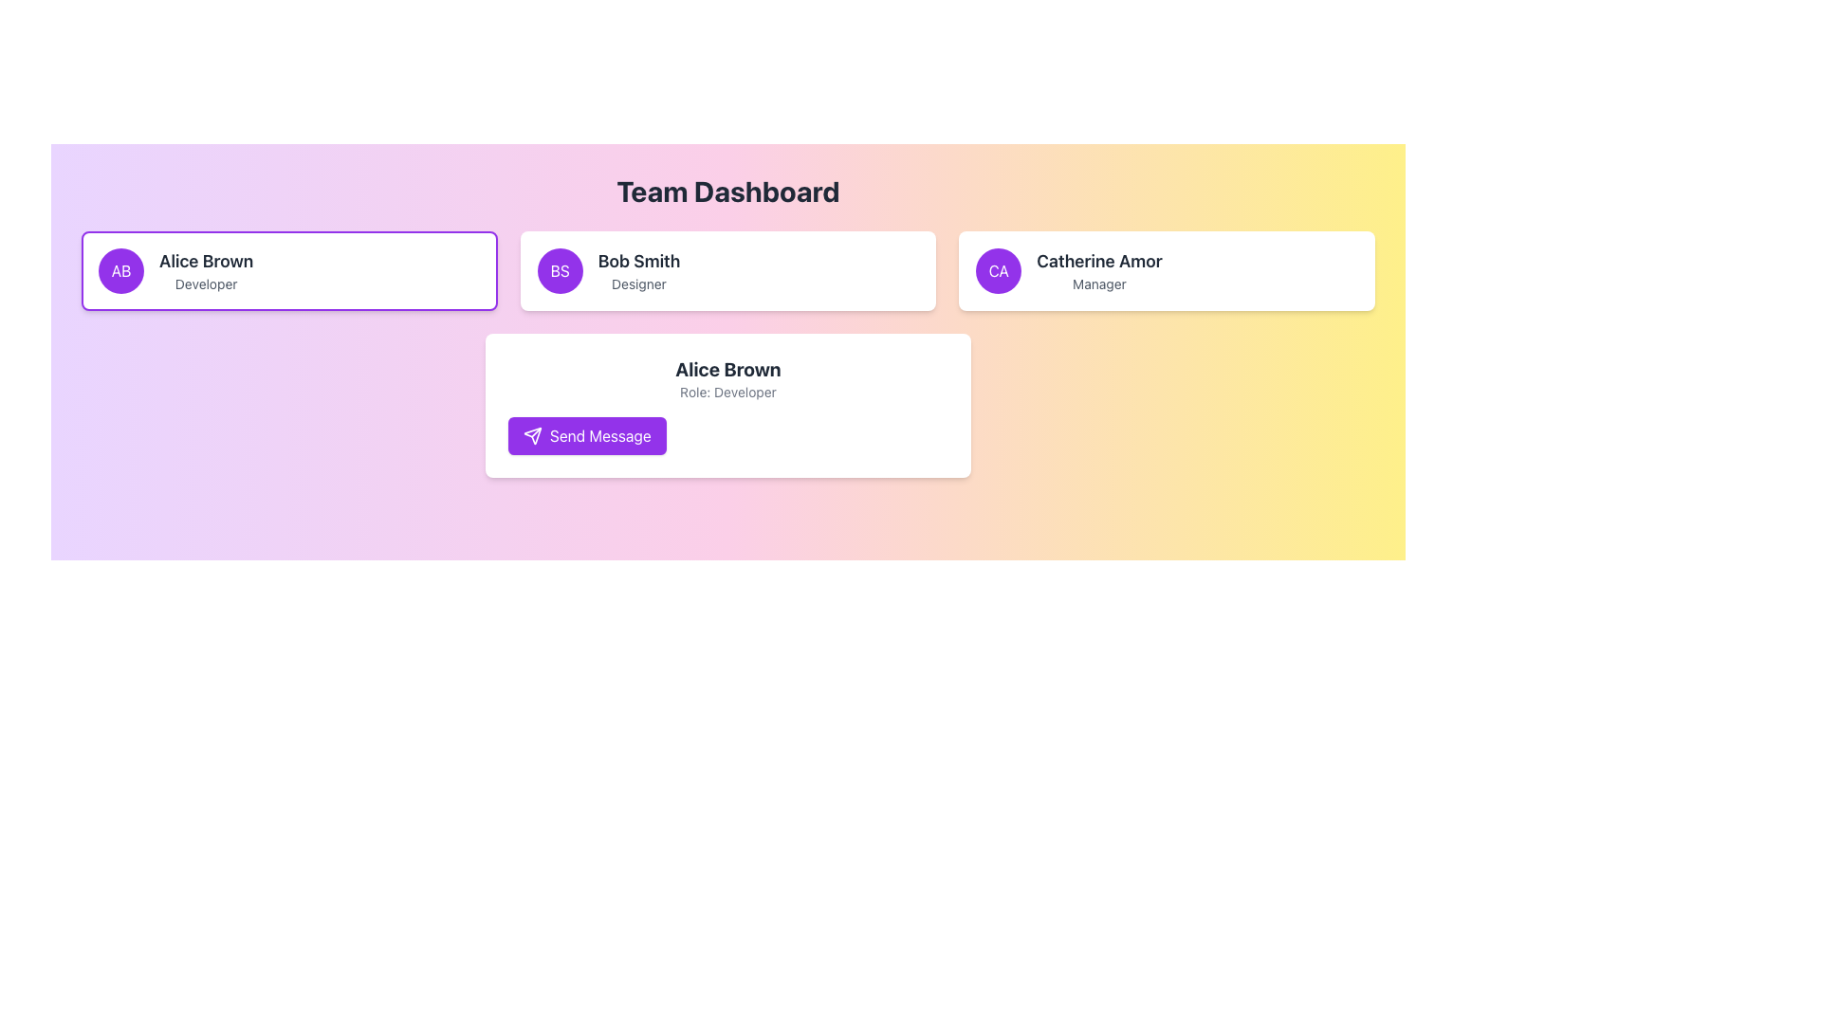 This screenshot has width=1821, height=1024. What do you see at coordinates (531, 435) in the screenshot?
I see `the purple button labeled 'Send Message' which contains a stylized paper airplane icon on its left side` at bounding box center [531, 435].